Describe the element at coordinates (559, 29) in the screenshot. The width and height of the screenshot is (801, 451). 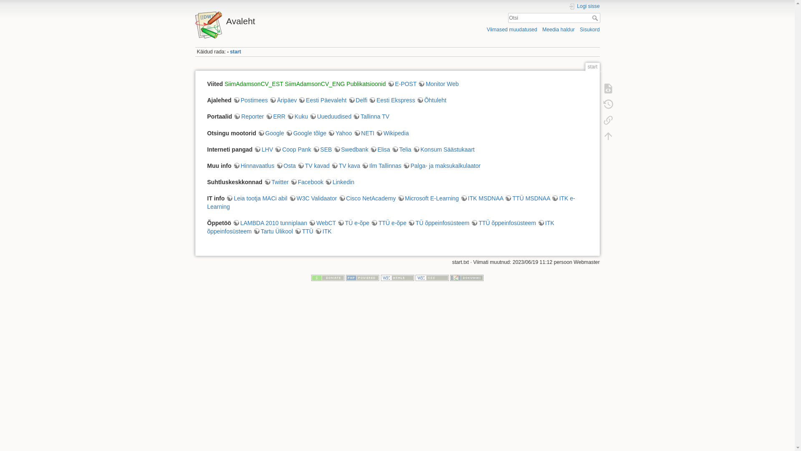
I see `'Meedia haldur'` at that location.